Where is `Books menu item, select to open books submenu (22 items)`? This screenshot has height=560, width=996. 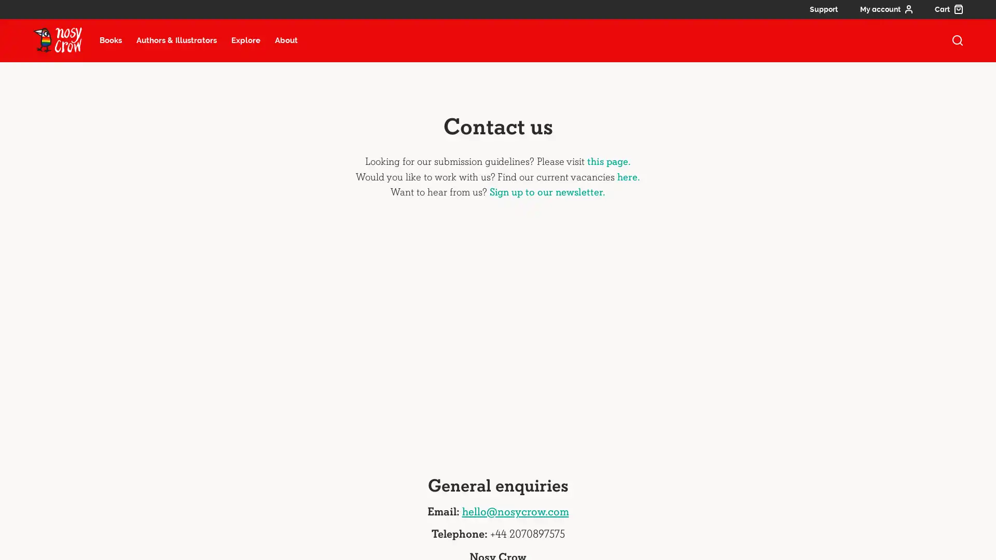 Books menu item, select to open books submenu (22 items) is located at coordinates (110, 39).